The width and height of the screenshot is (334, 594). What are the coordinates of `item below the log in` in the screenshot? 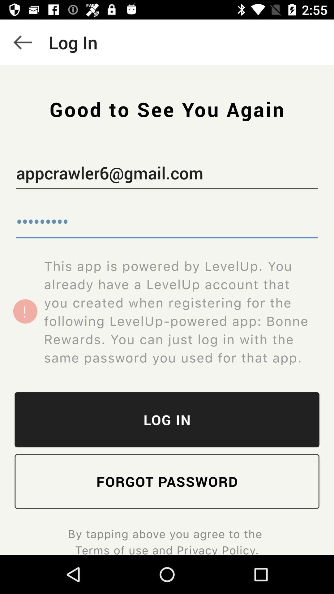 It's located at (167, 481).